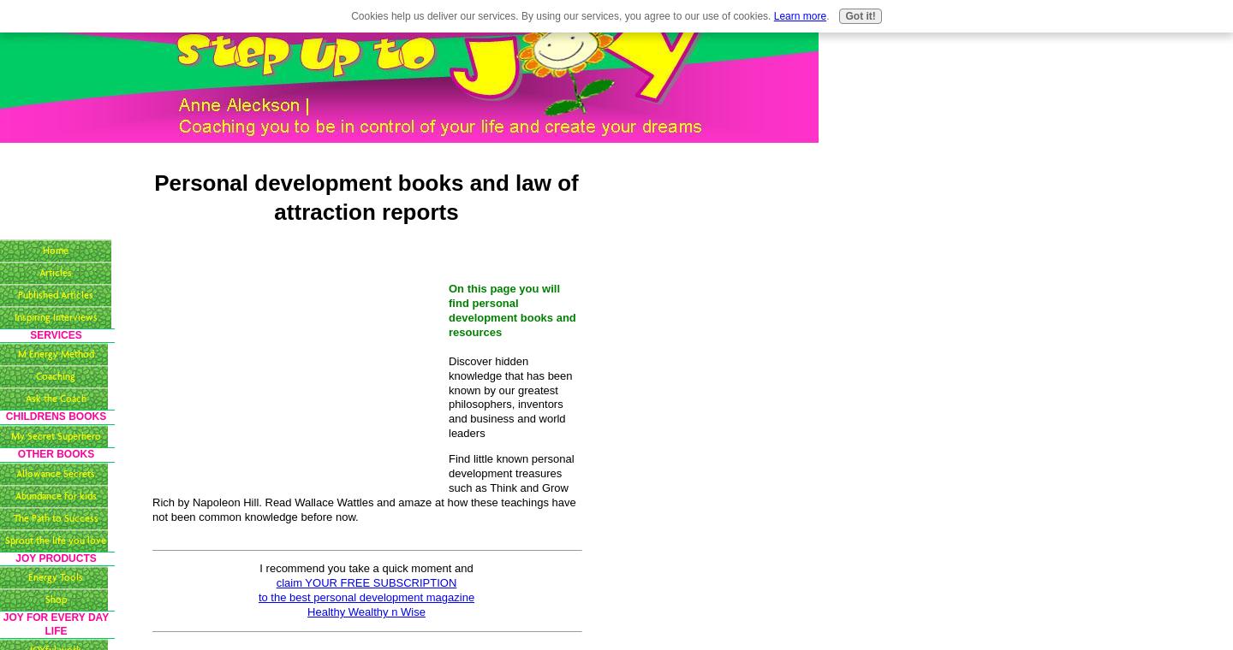  What do you see at coordinates (256, 597) in the screenshot?
I see `'to the best personal development magazine'` at bounding box center [256, 597].